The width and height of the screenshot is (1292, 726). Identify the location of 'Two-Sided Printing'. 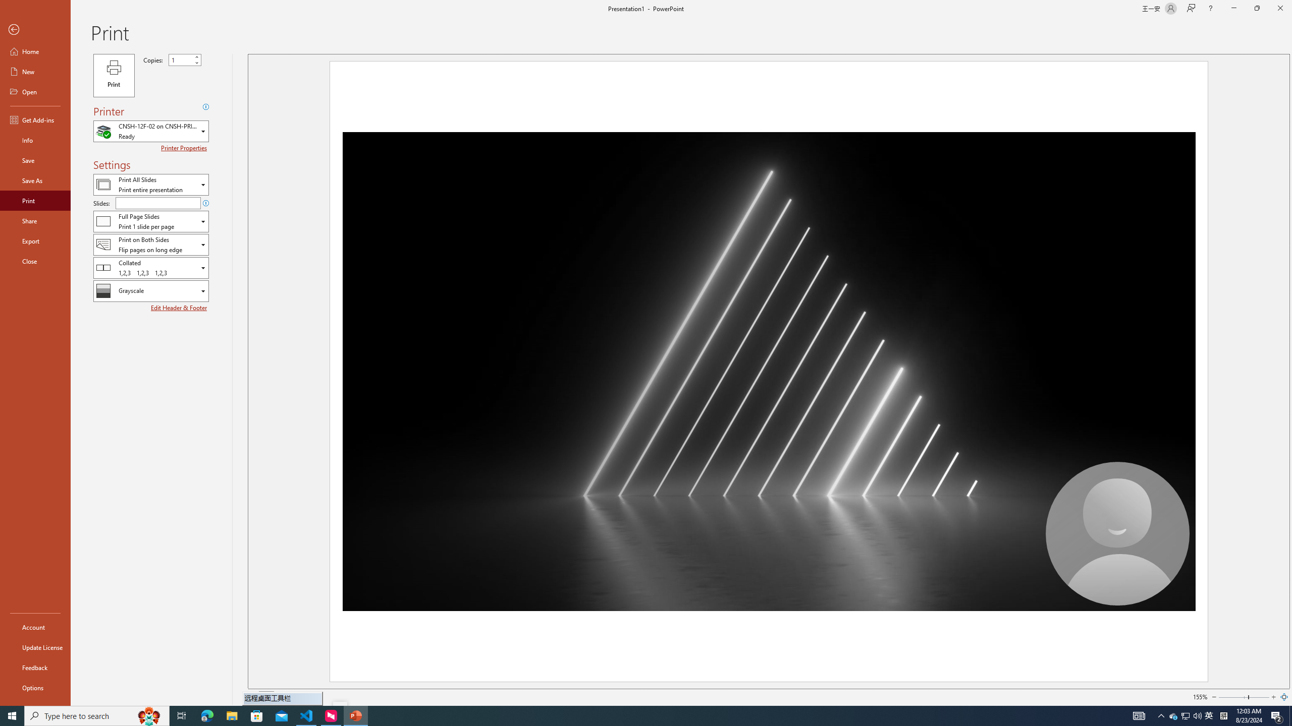
(150, 245).